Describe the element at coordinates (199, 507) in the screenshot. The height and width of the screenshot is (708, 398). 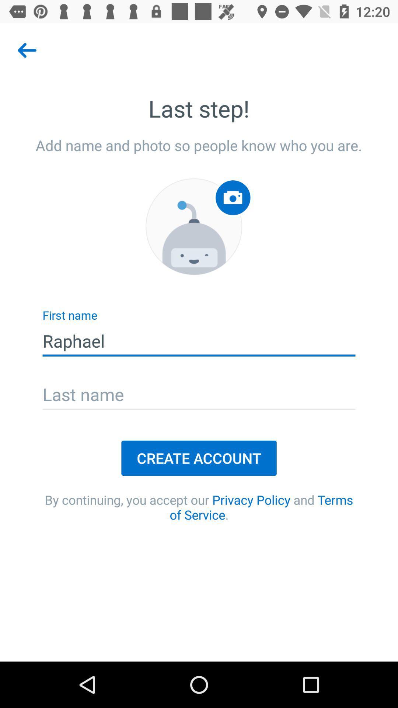
I see `item below the create account icon` at that location.